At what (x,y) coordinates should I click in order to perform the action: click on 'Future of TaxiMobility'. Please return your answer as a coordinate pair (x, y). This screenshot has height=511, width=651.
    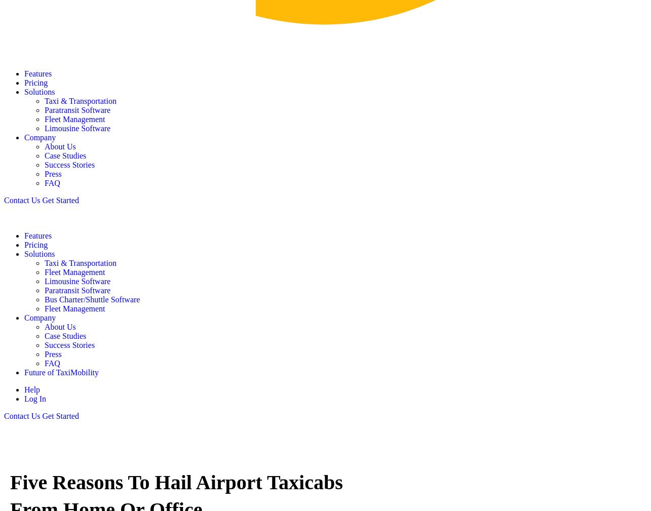
    Looking at the image, I should click on (61, 372).